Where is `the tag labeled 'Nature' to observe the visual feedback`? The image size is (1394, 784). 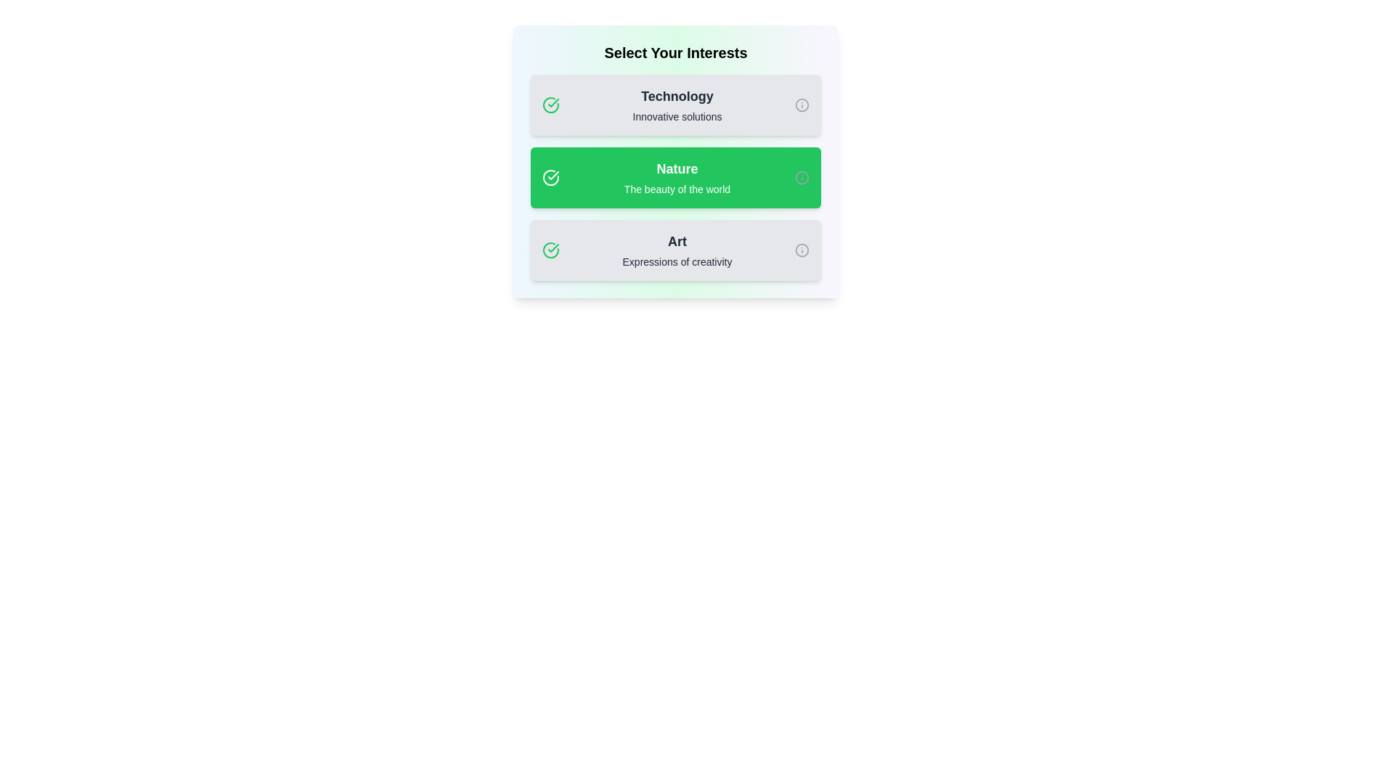 the tag labeled 'Nature' to observe the visual feedback is located at coordinates (675, 177).